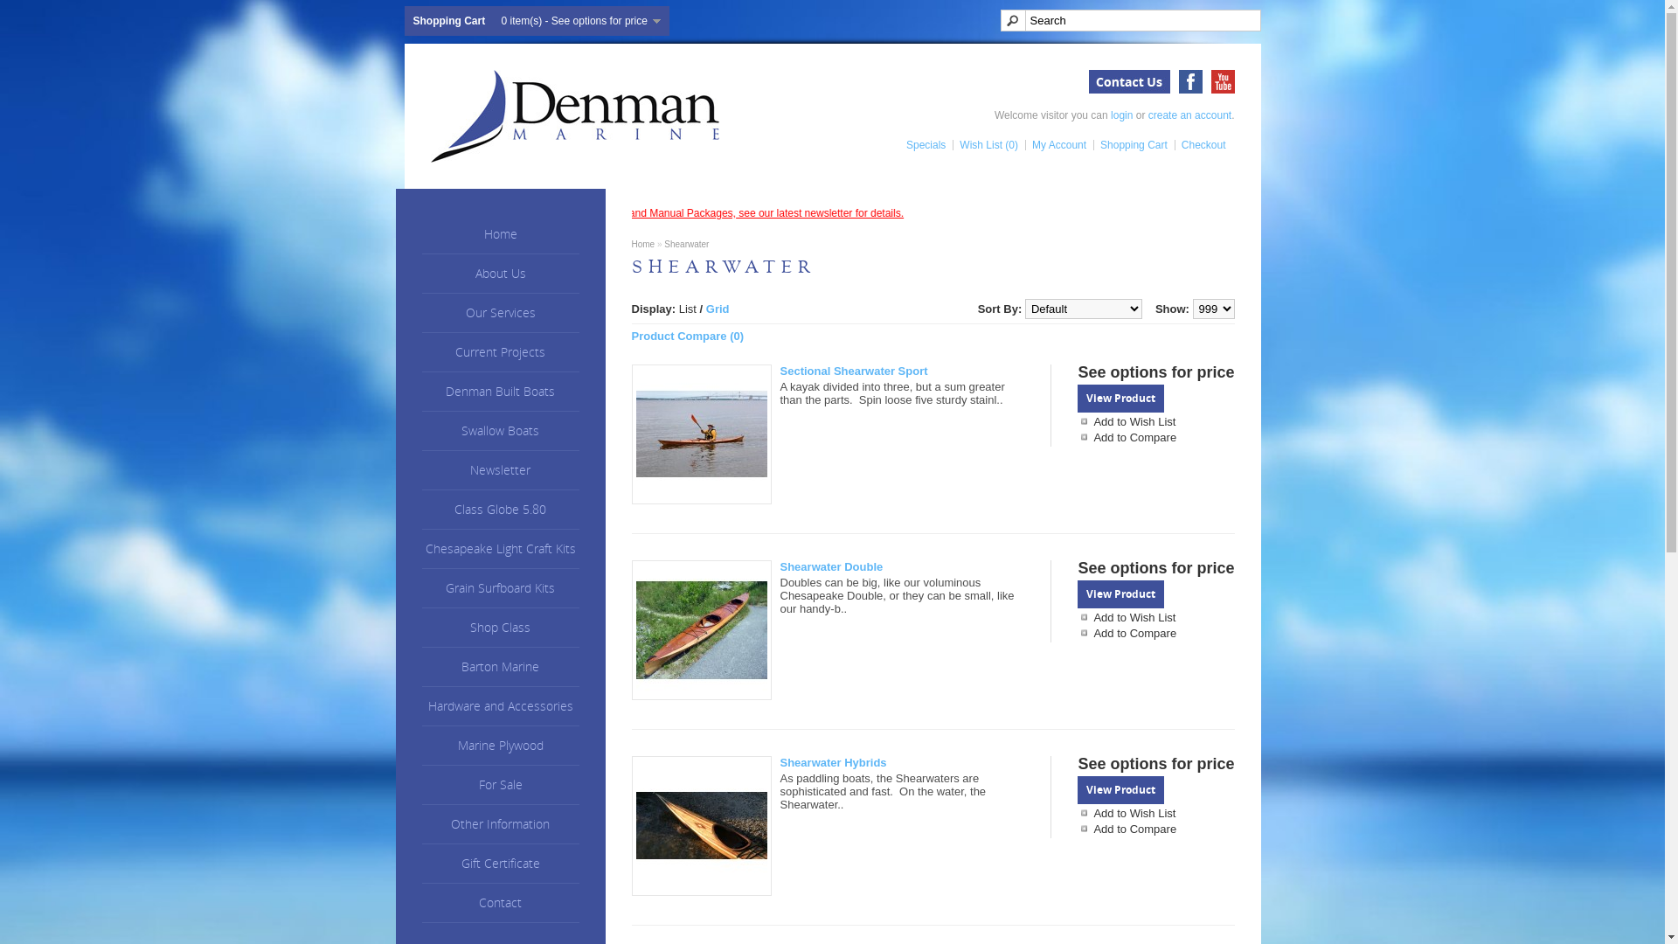 This screenshot has width=1678, height=944. What do you see at coordinates (1121, 115) in the screenshot?
I see `'login'` at bounding box center [1121, 115].